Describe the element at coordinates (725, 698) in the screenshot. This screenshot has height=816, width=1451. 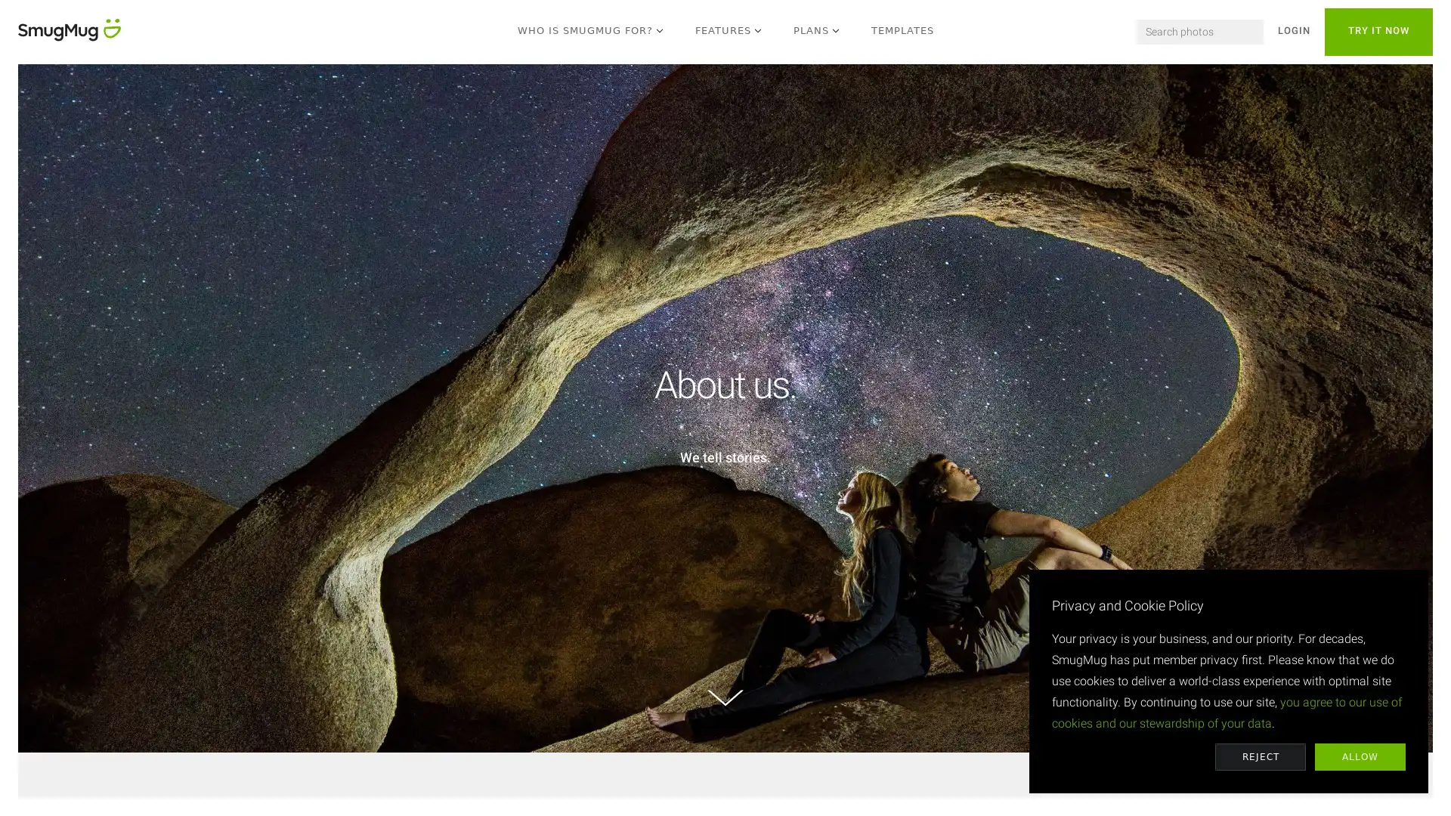
I see `Scroll Down` at that location.